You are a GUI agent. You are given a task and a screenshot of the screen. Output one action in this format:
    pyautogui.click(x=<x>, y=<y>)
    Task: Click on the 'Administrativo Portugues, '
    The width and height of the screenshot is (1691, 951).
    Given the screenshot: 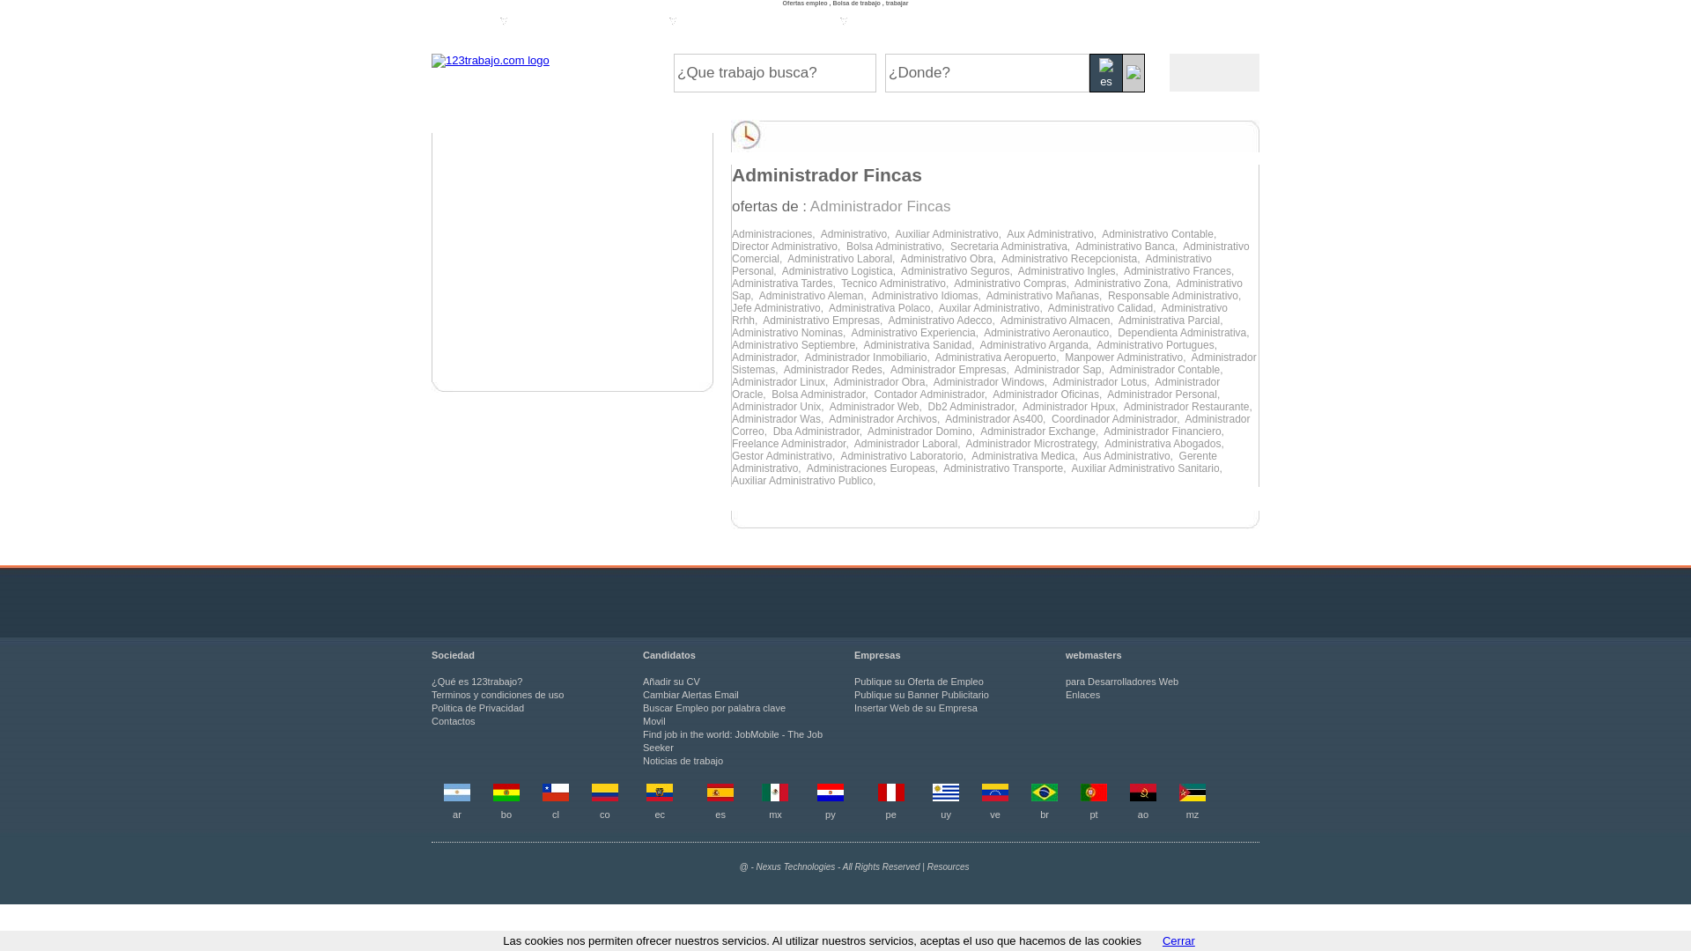 What is the action you would take?
    pyautogui.click(x=1095, y=345)
    